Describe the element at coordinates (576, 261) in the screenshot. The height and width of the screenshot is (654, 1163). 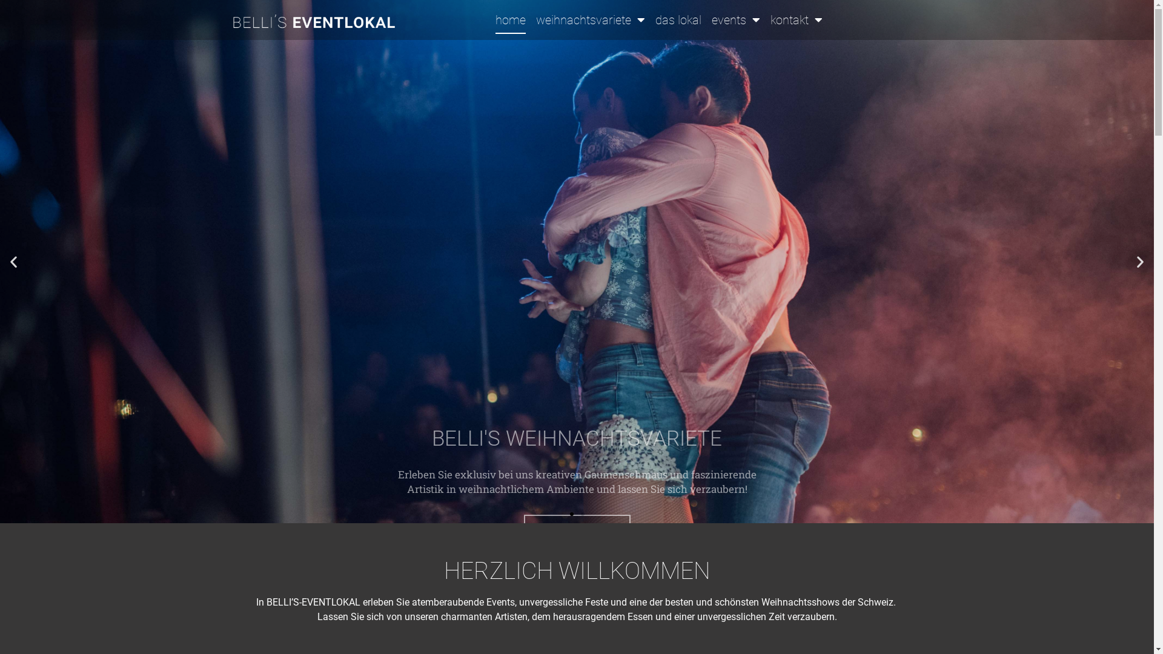
I see `'BELLI'S WEIHNACHTSVARIETE'` at that location.